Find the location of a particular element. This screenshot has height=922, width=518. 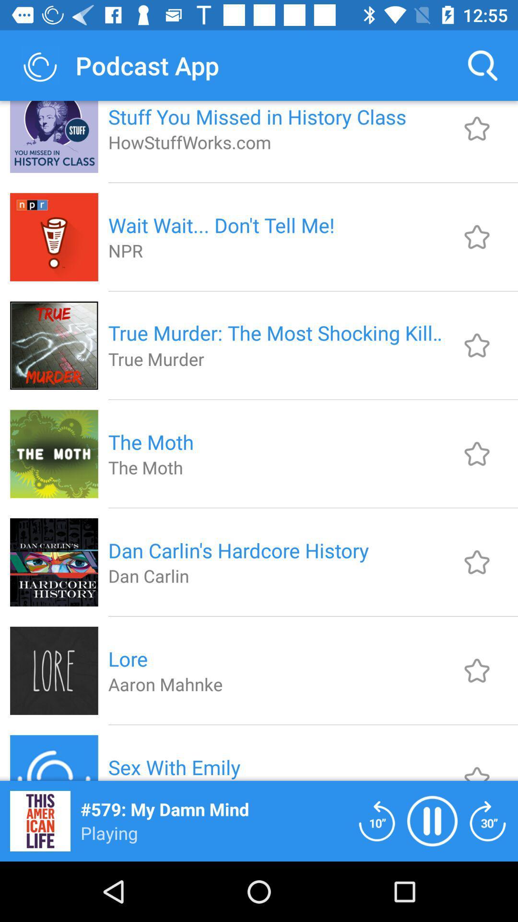

wait wait do n't tell me npr podcast is located at coordinates (477, 237).